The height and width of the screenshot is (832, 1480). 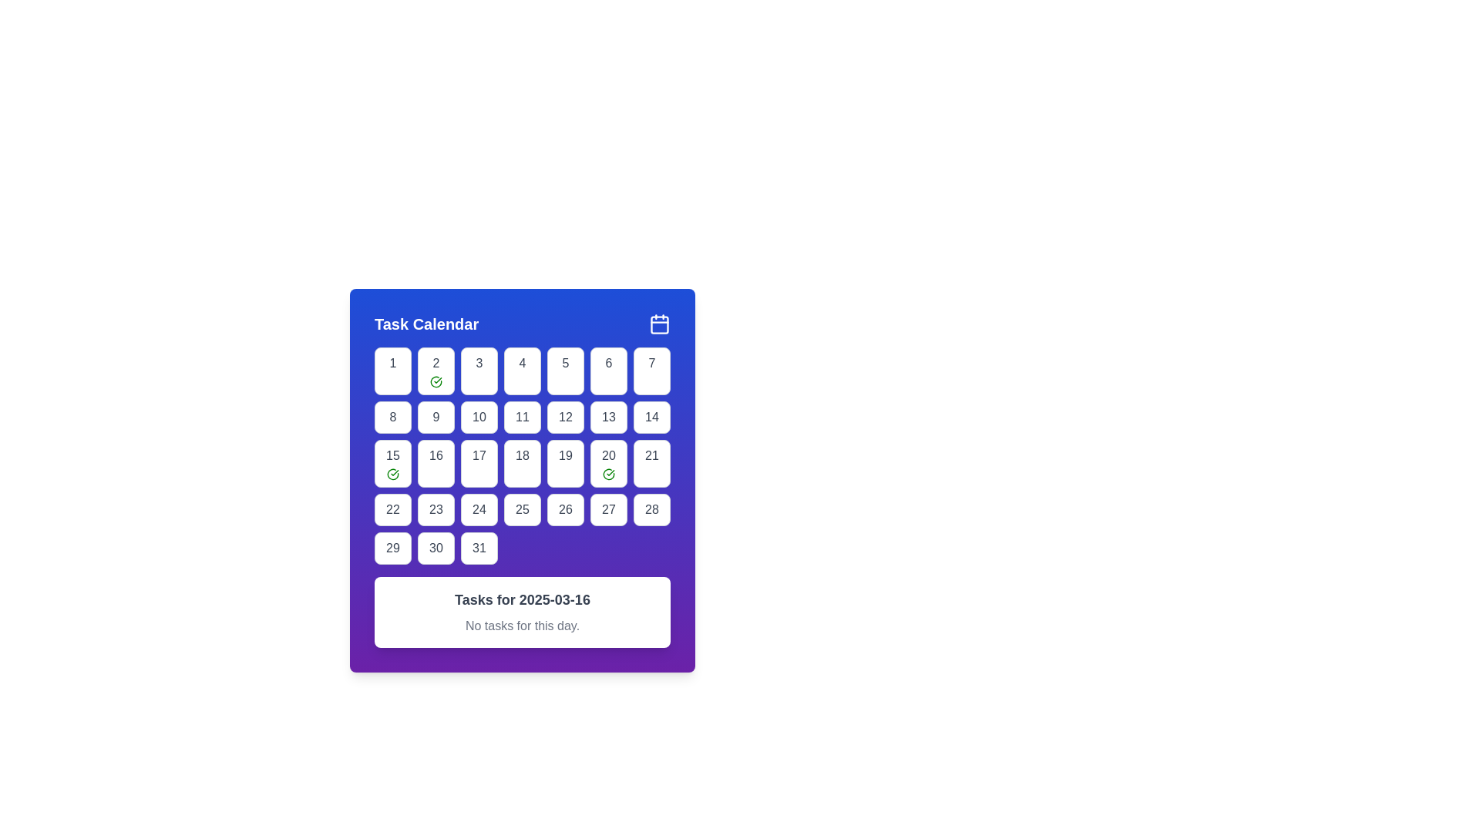 I want to click on the Calendar Day Cell displaying the number '2' with a green checkmark icon, so click(x=436, y=371).